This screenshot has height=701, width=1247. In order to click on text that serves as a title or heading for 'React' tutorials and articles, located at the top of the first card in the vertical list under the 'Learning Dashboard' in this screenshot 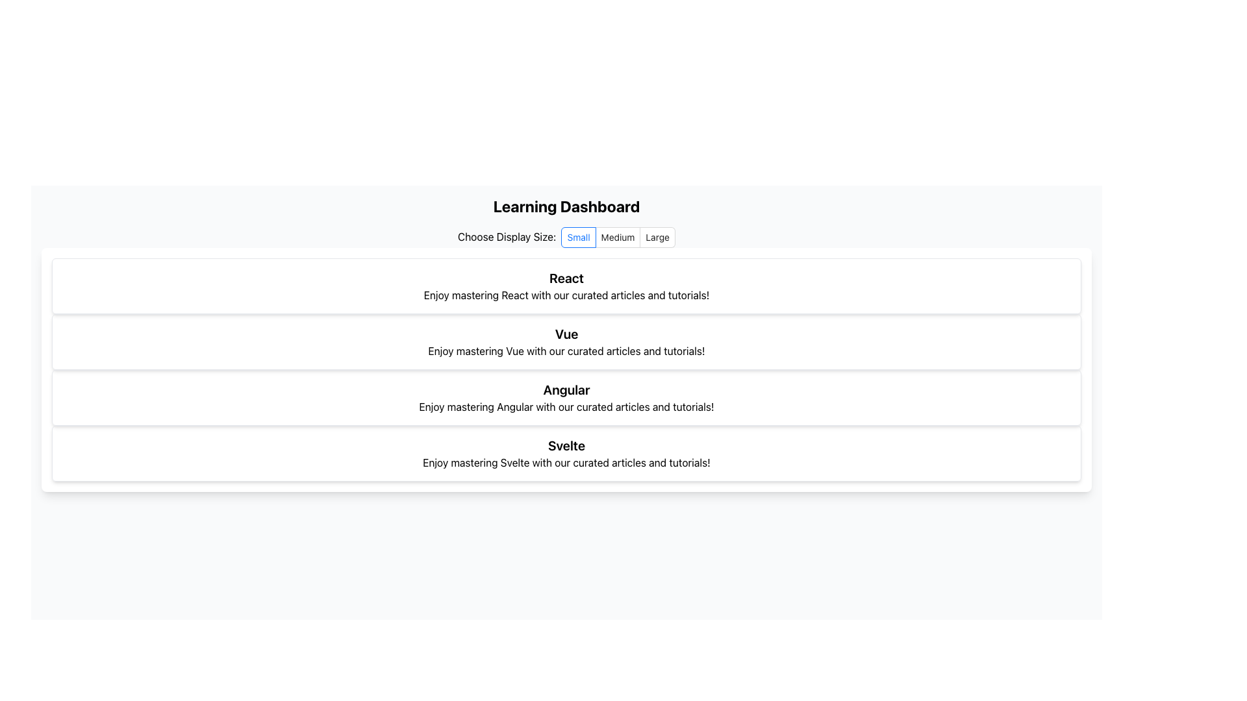, I will do `click(566, 277)`.